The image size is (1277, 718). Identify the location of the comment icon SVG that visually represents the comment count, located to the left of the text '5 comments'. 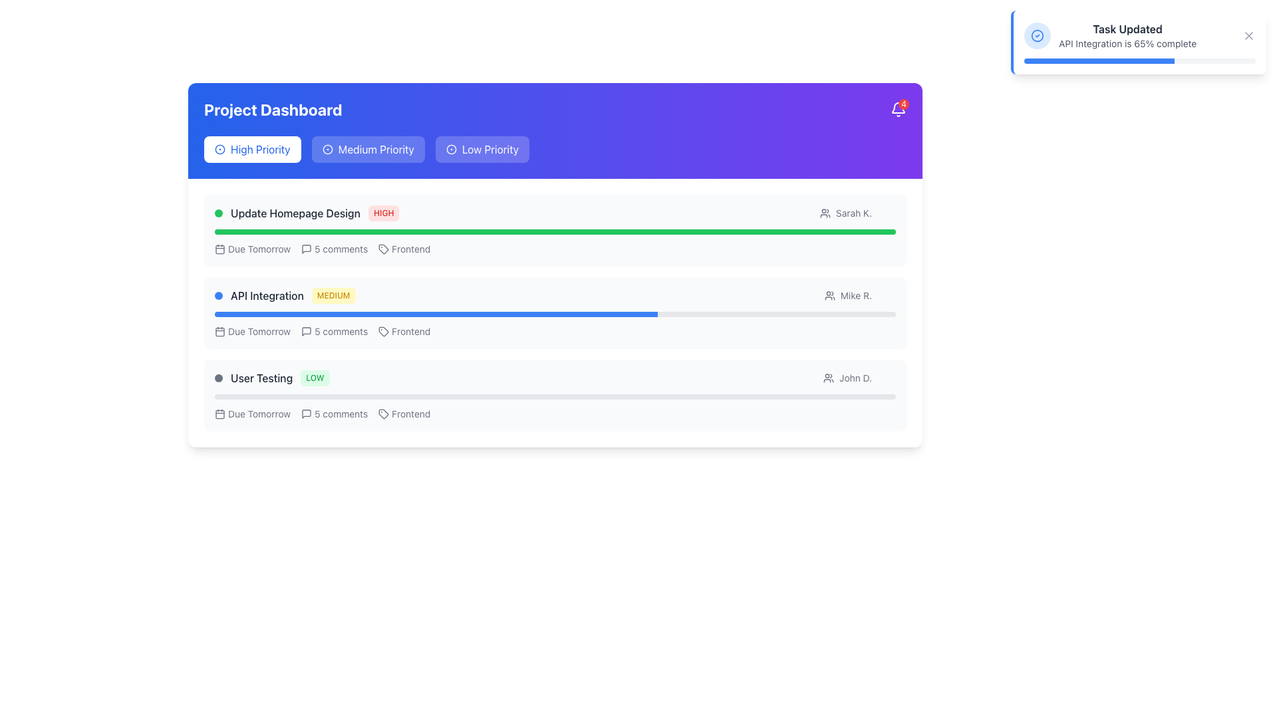
(306, 414).